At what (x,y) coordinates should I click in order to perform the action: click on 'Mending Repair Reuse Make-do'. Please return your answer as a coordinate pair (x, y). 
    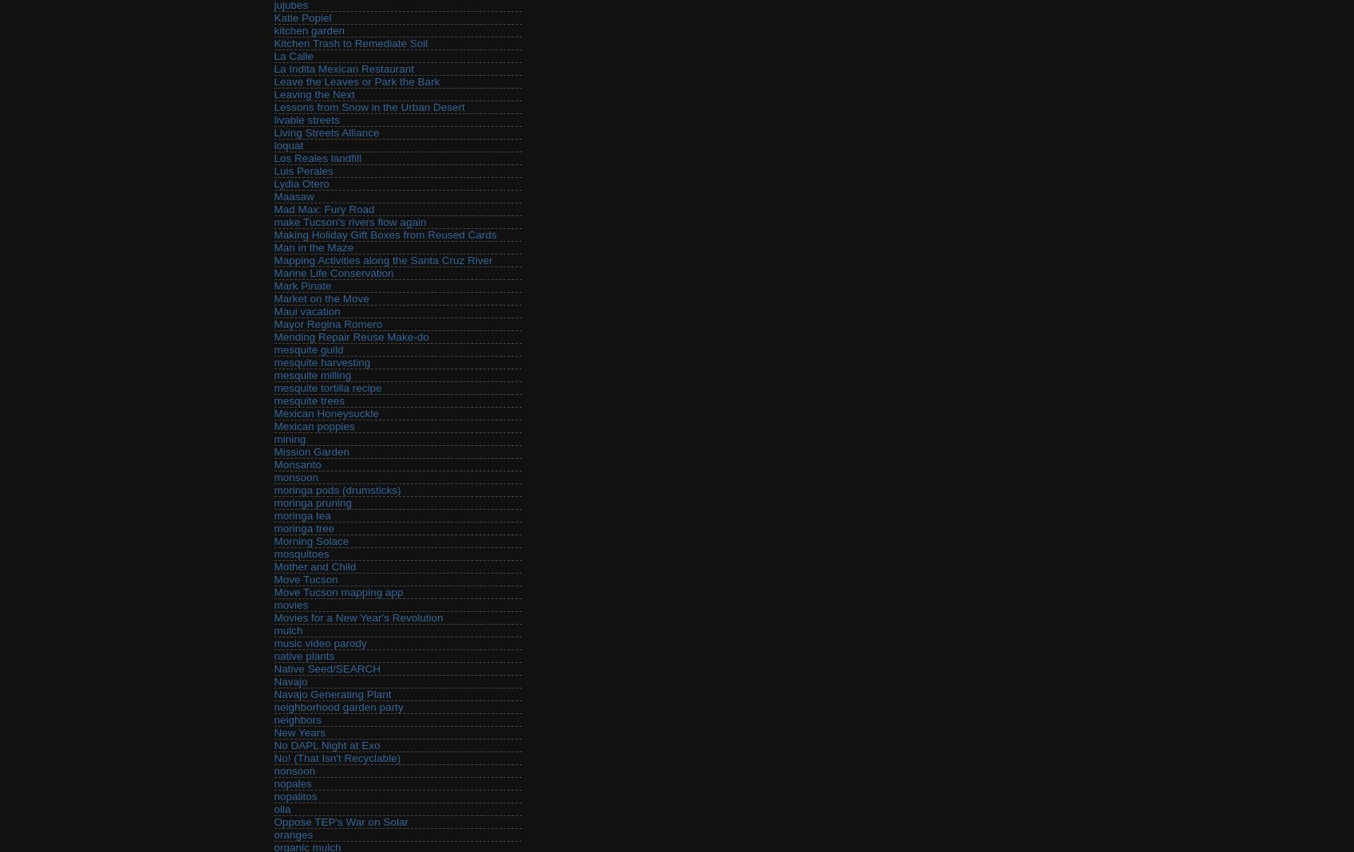
    Looking at the image, I should click on (350, 337).